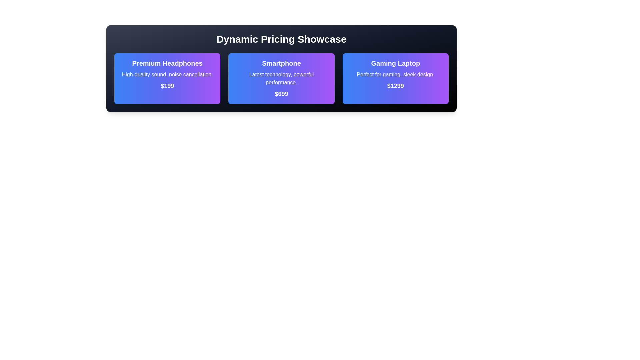  Describe the element at coordinates (395, 63) in the screenshot. I see `the 'Gaming Laptop' text label, which is the title of the product located at the top of the far-right card in a row of three cards` at that location.